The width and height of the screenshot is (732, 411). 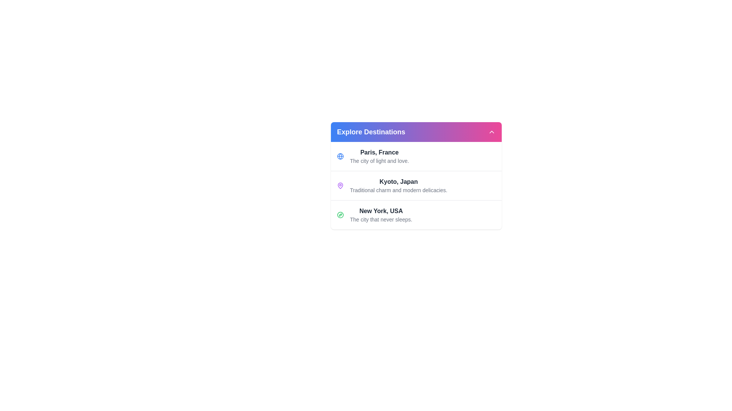 I want to click on the text block displaying 'Paris, France', so click(x=379, y=156).